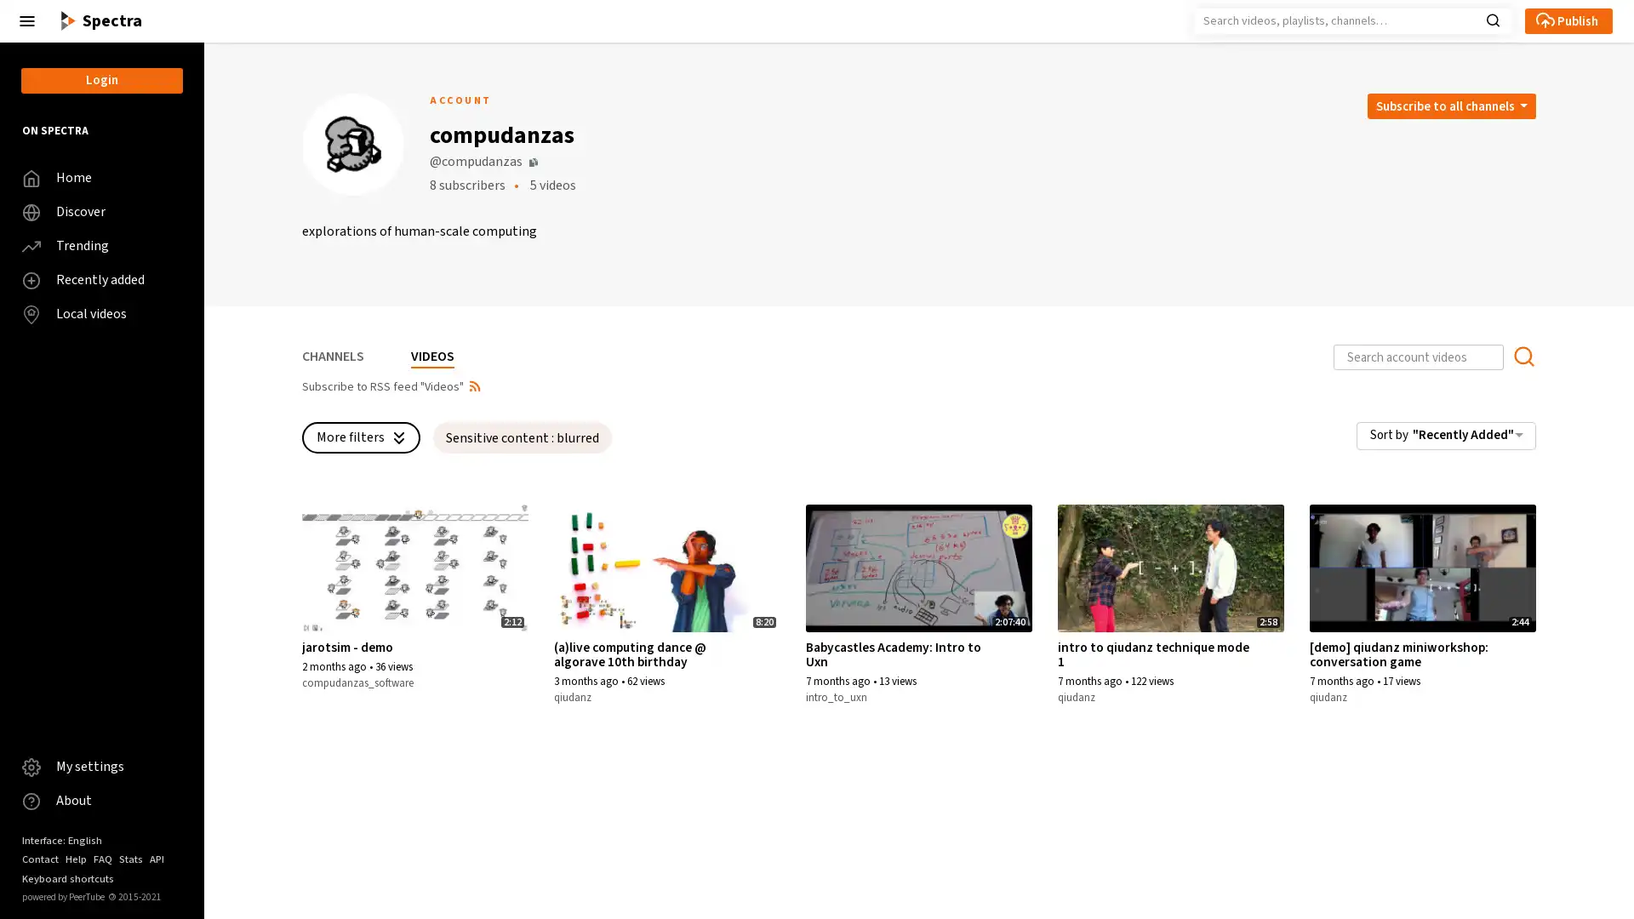  I want to click on Close the left menu, so click(27, 20).